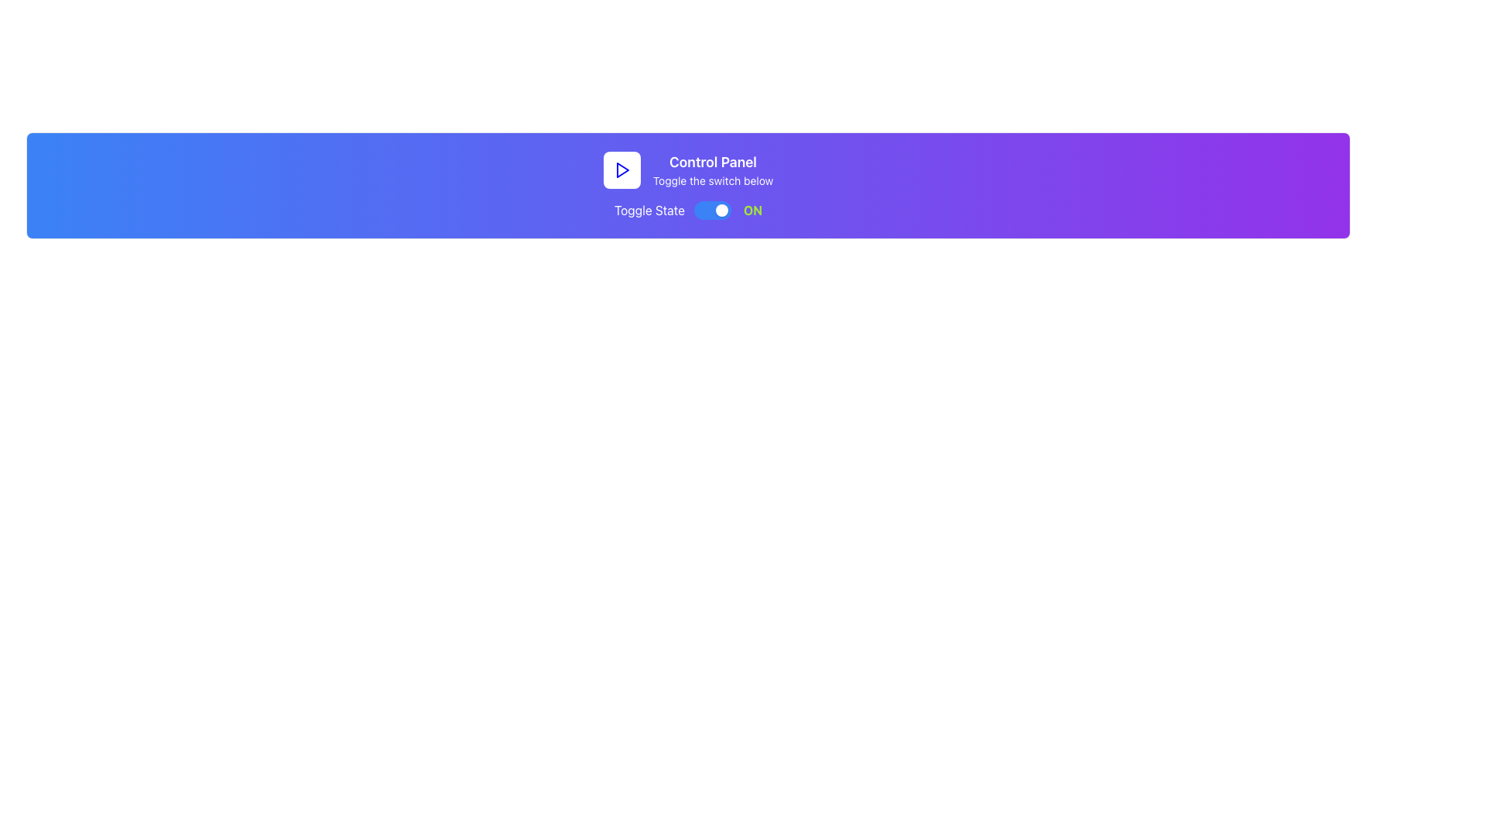  What do you see at coordinates (687, 211) in the screenshot?
I see `the Toggle switch component labeled 'Toggle State ON'` at bounding box center [687, 211].